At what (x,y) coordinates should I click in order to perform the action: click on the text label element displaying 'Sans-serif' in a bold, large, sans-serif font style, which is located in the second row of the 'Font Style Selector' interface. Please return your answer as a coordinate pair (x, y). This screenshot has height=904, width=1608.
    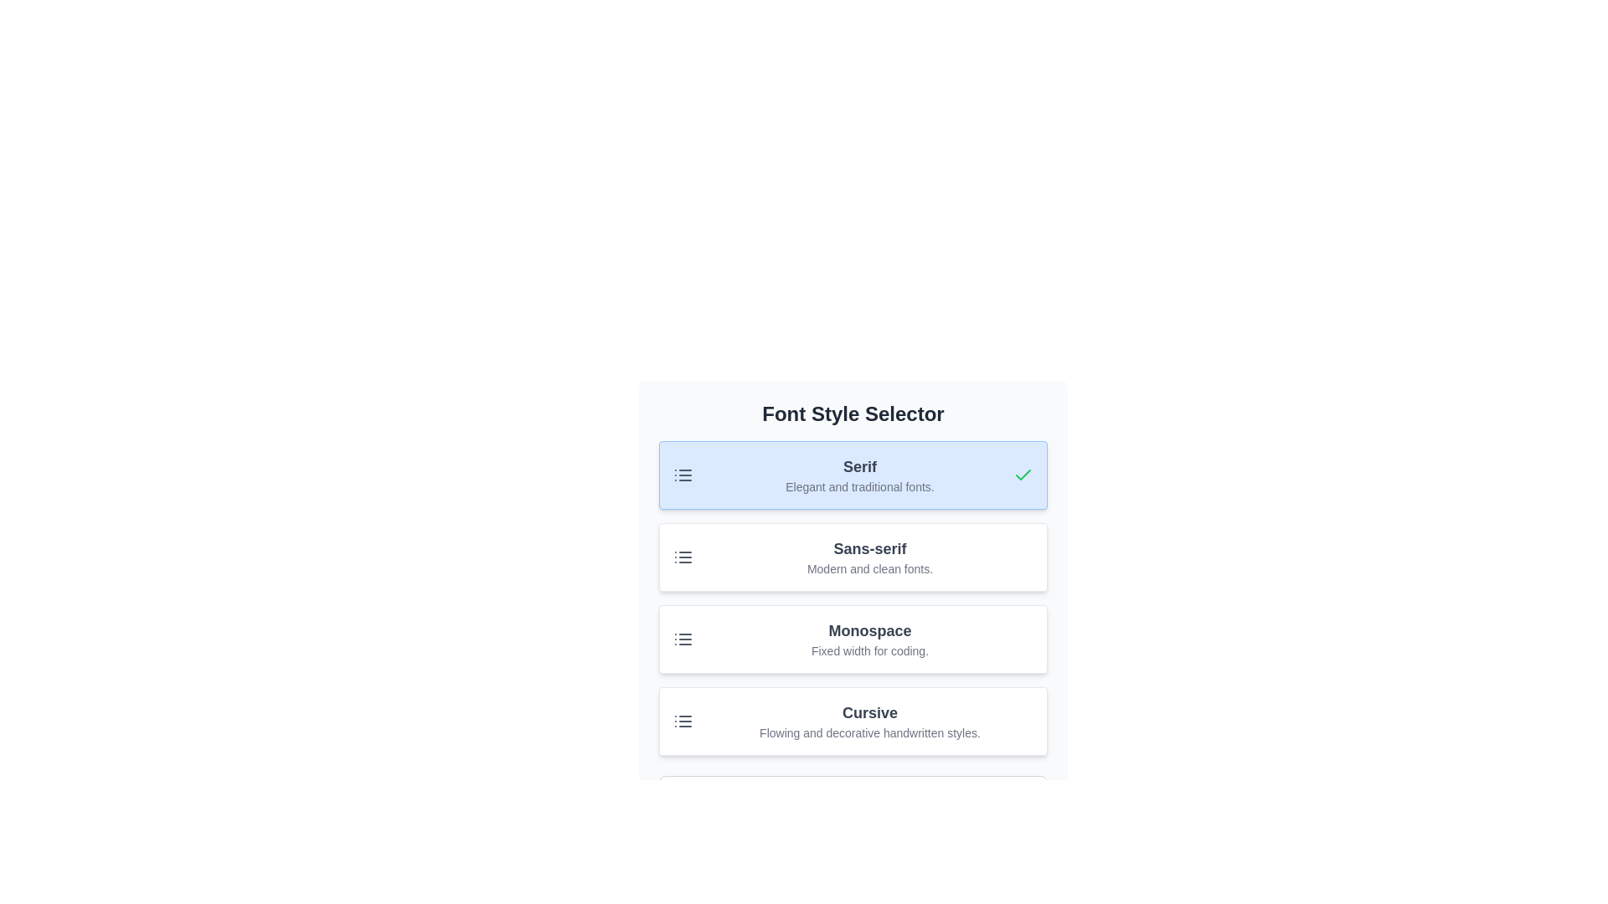
    Looking at the image, I should click on (869, 548).